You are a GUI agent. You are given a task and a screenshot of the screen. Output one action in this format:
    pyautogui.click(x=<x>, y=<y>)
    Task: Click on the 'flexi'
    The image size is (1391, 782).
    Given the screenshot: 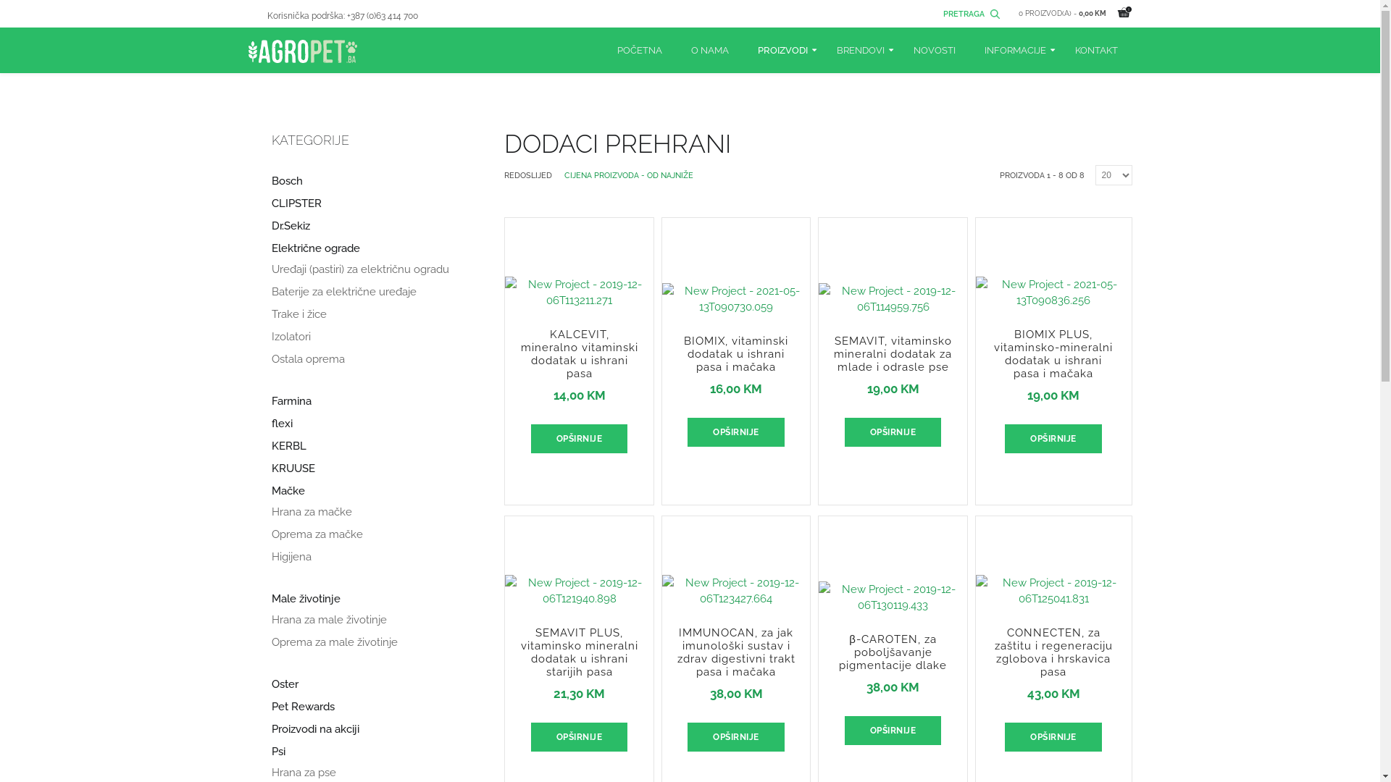 What is the action you would take?
    pyautogui.click(x=271, y=424)
    